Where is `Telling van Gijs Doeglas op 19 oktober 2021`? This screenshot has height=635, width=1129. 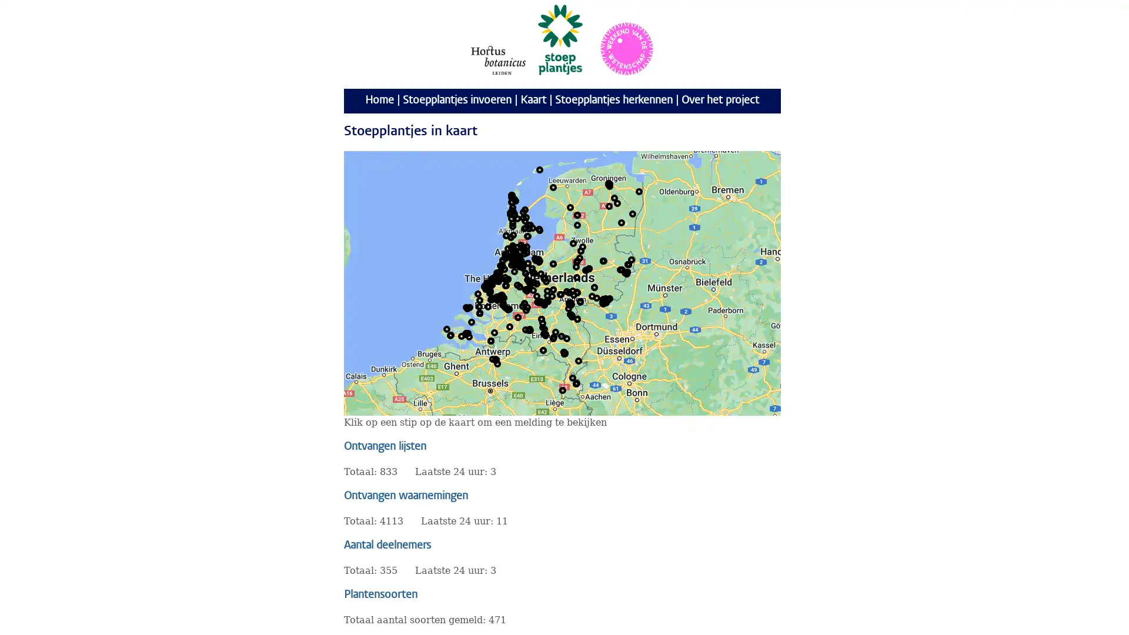 Telling van Gijs Doeglas op 19 oktober 2021 is located at coordinates (519, 258).